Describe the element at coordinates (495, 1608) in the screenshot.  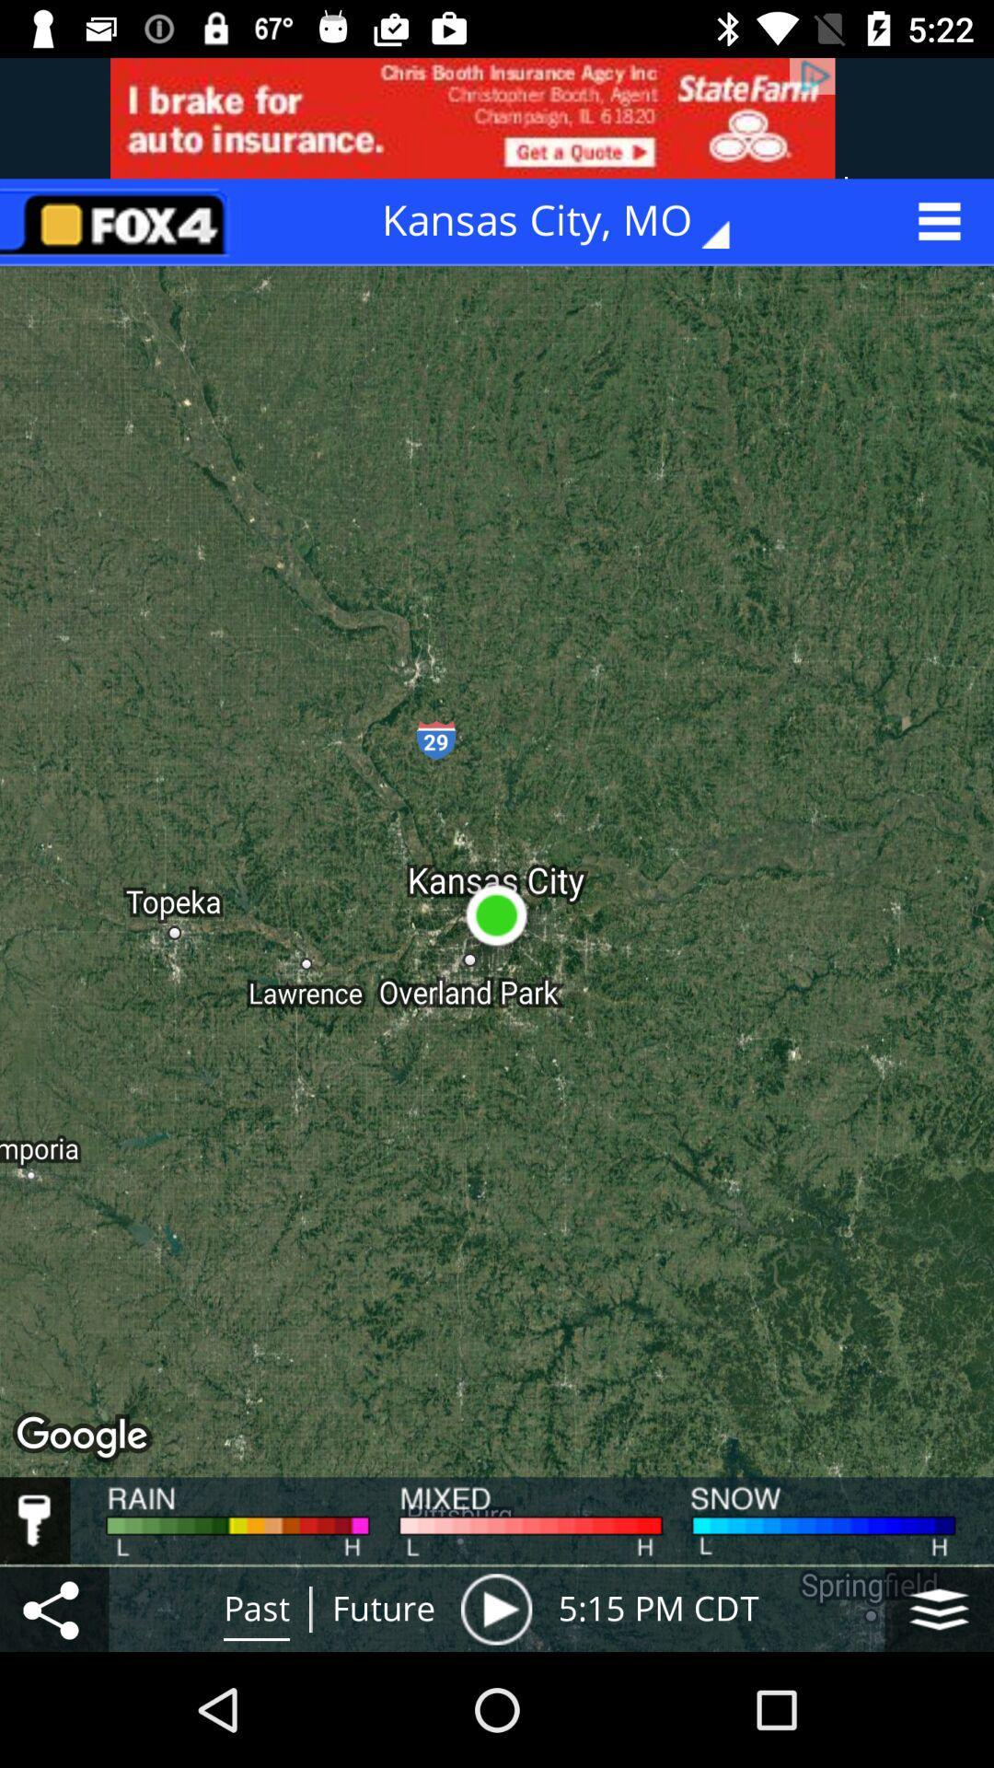
I see `unpause` at that location.